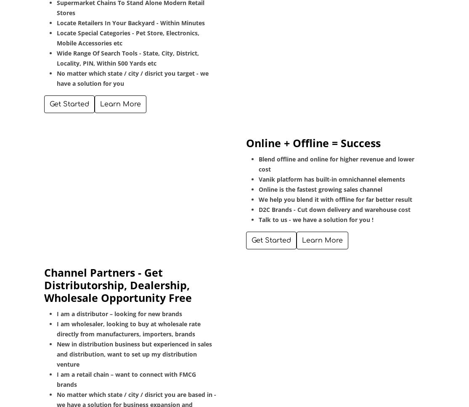 Image resolution: width=469 pixels, height=407 pixels. Describe the element at coordinates (258, 198) in the screenshot. I see `'We help you blend it with offline for far better result'` at that location.